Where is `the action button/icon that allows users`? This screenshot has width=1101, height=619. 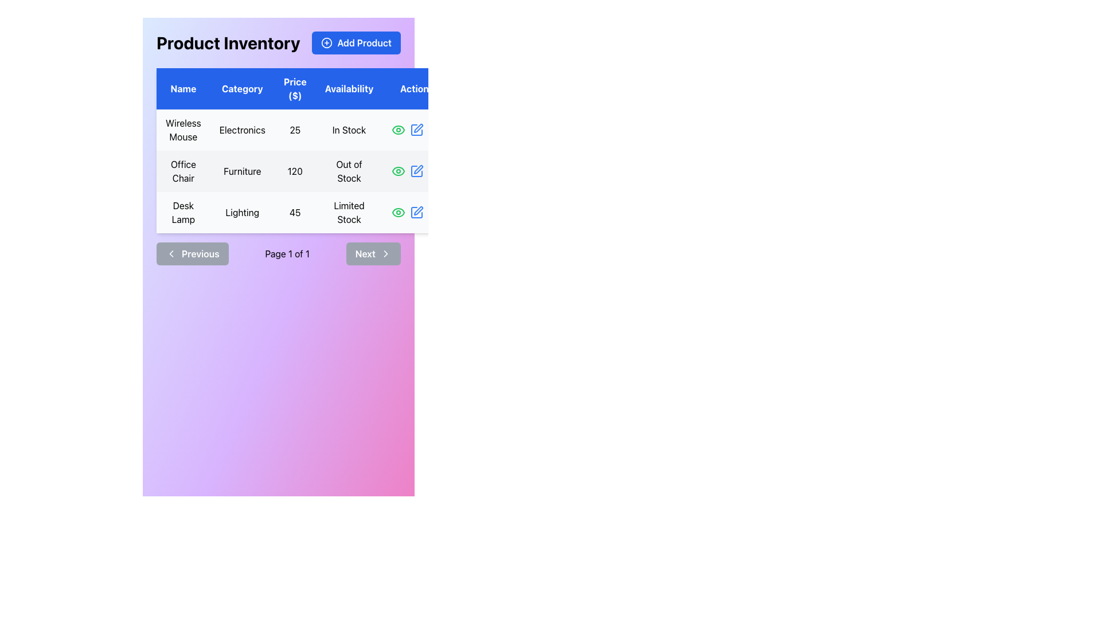 the action button/icon that allows users is located at coordinates (399, 212).